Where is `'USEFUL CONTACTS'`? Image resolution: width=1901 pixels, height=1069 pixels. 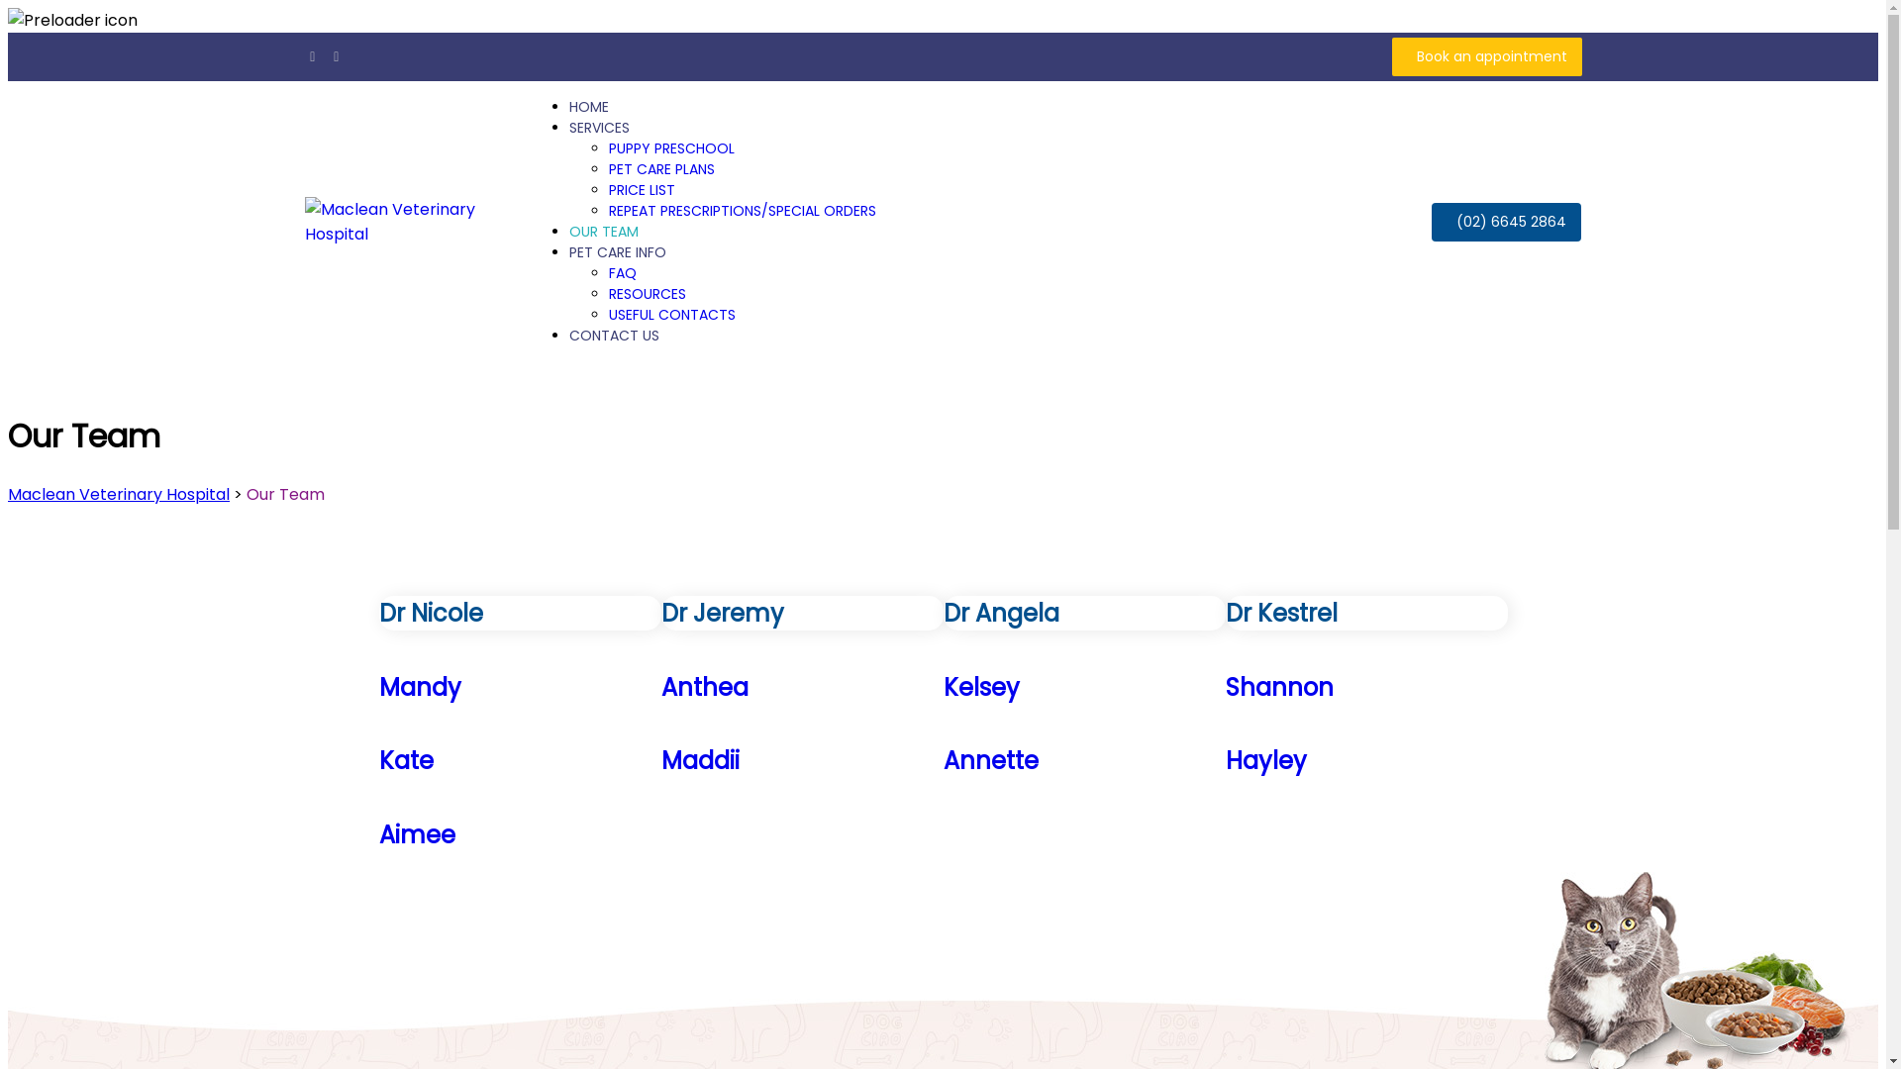 'USEFUL CONTACTS' is located at coordinates (671, 313).